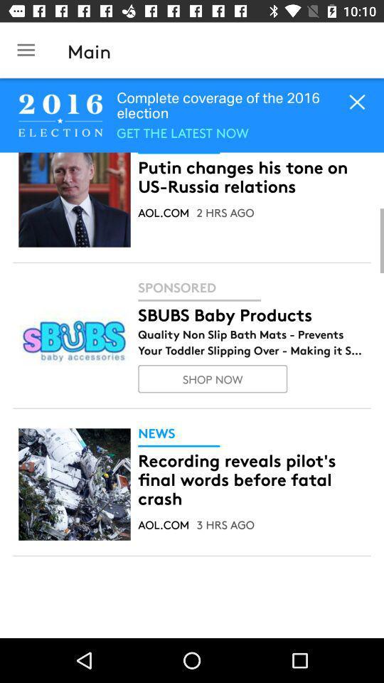 Image resolution: width=384 pixels, height=683 pixels. I want to click on the close icon, so click(356, 102).